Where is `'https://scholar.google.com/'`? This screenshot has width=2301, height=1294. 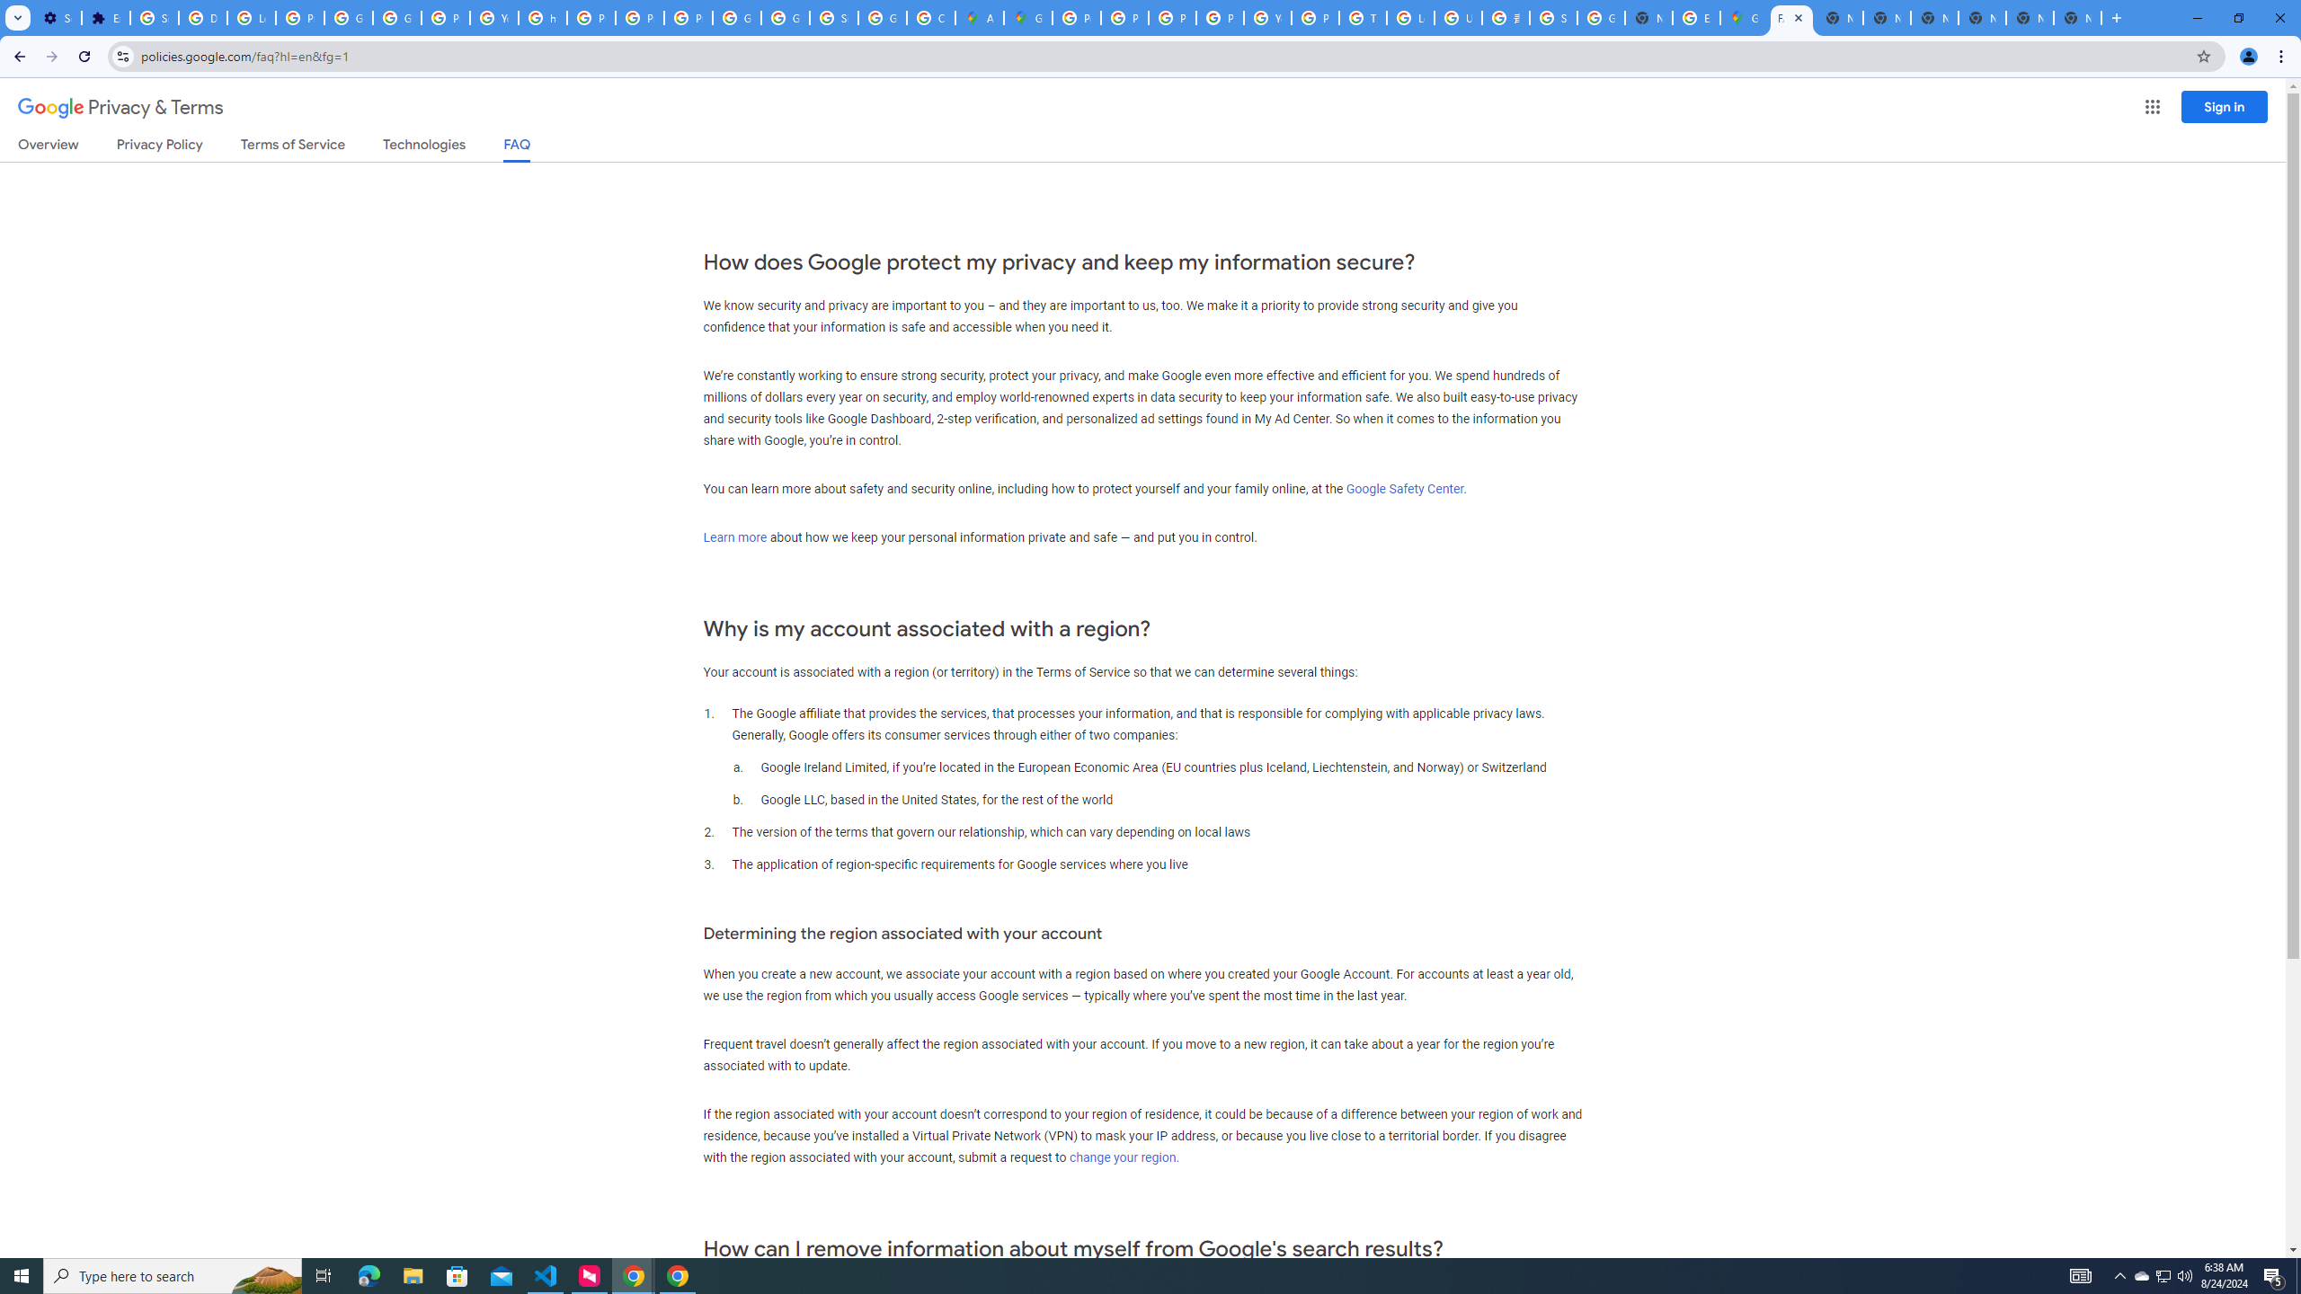
'https://scholar.google.com/' is located at coordinates (542, 17).